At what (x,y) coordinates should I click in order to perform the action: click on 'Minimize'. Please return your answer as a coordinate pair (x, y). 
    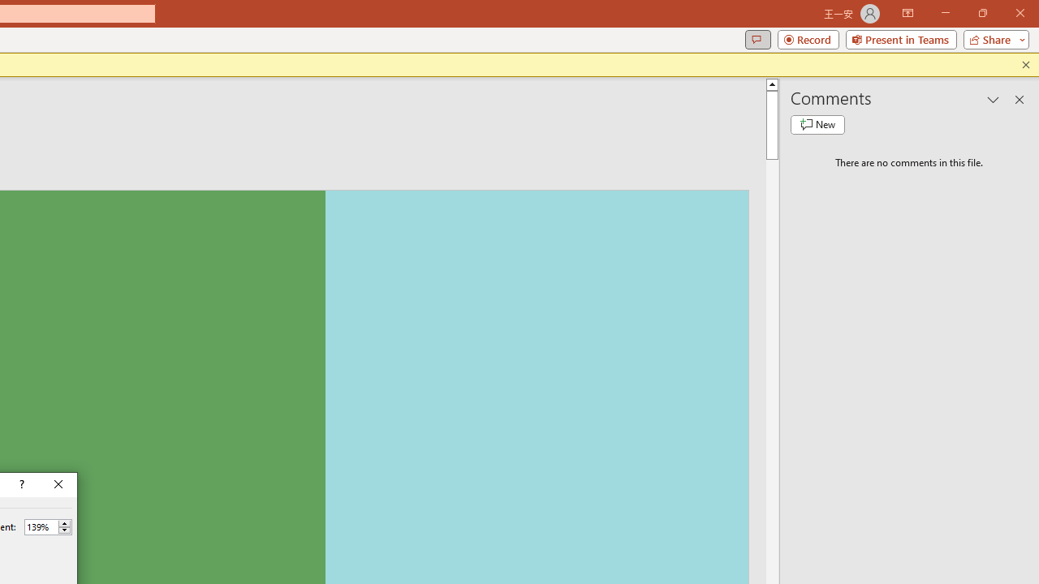
    Looking at the image, I should click on (945, 13).